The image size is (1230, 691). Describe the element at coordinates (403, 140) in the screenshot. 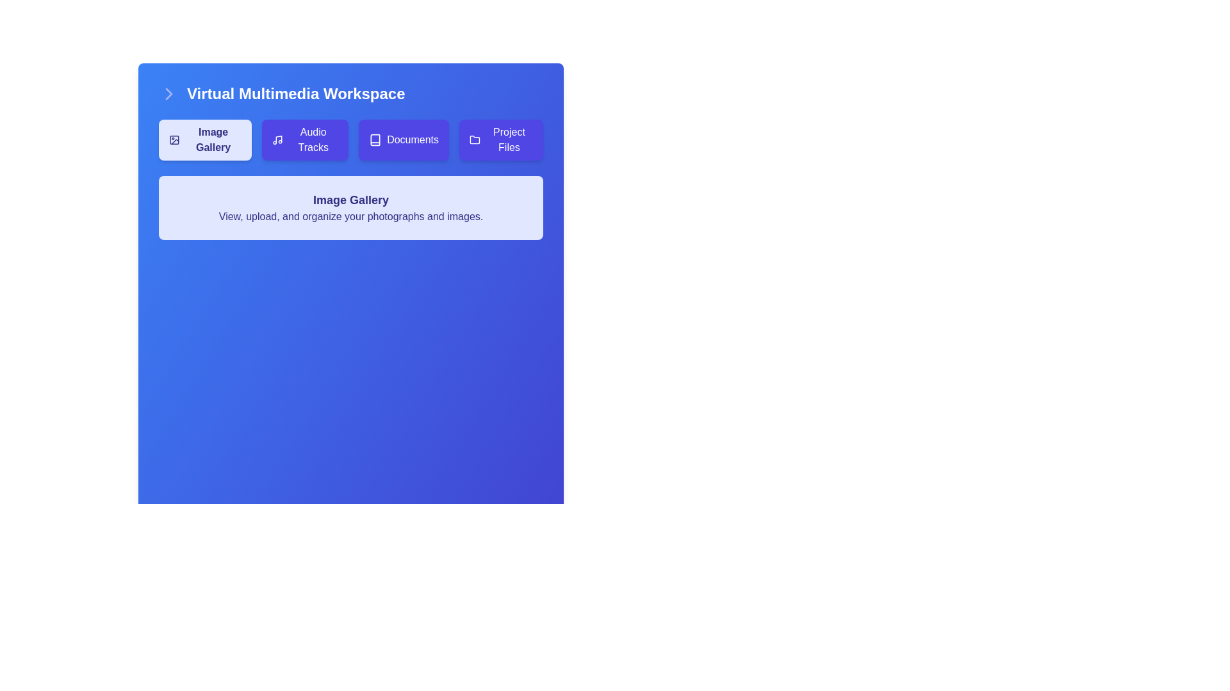

I see `the 'Documents' button, which is a rectangular button with white text on a purple background and a book icon` at that location.